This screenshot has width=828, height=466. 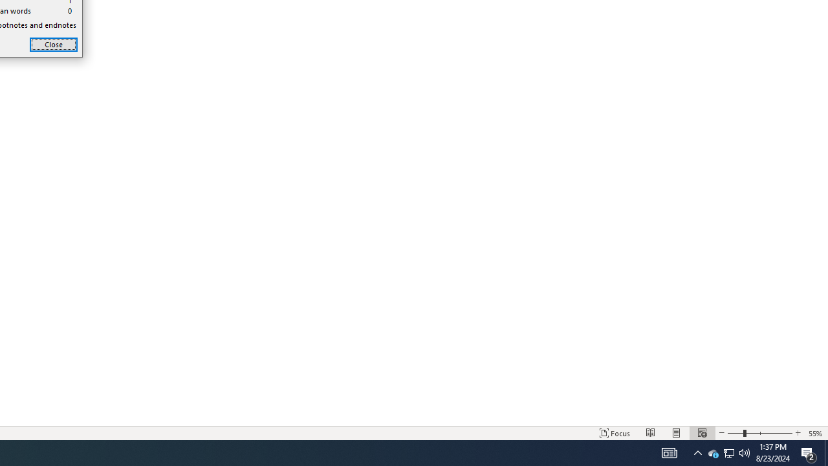 I want to click on 'Zoom 55%', so click(x=815, y=433).